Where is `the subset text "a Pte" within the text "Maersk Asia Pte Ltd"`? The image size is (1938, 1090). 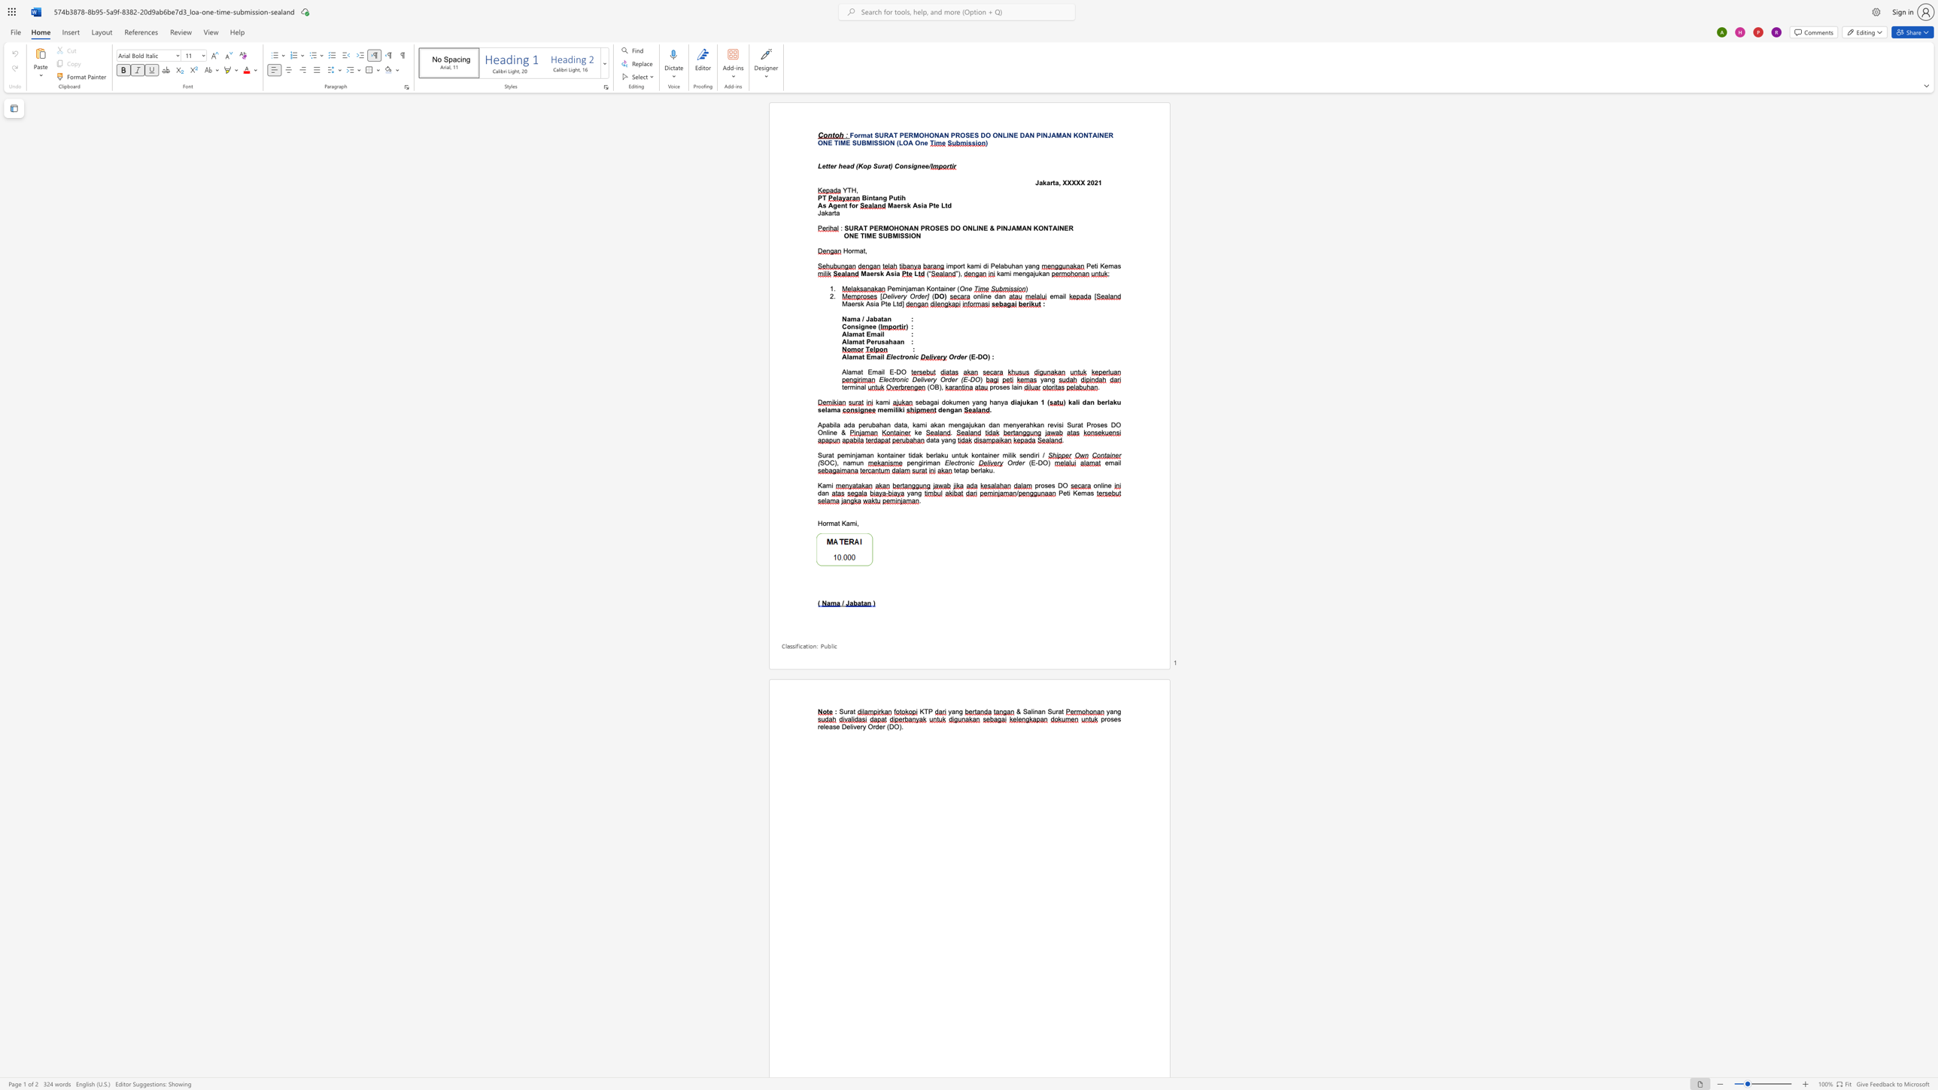 the subset text "a Pte" within the text "Maersk Asia Pte Ltd" is located at coordinates (923, 205).